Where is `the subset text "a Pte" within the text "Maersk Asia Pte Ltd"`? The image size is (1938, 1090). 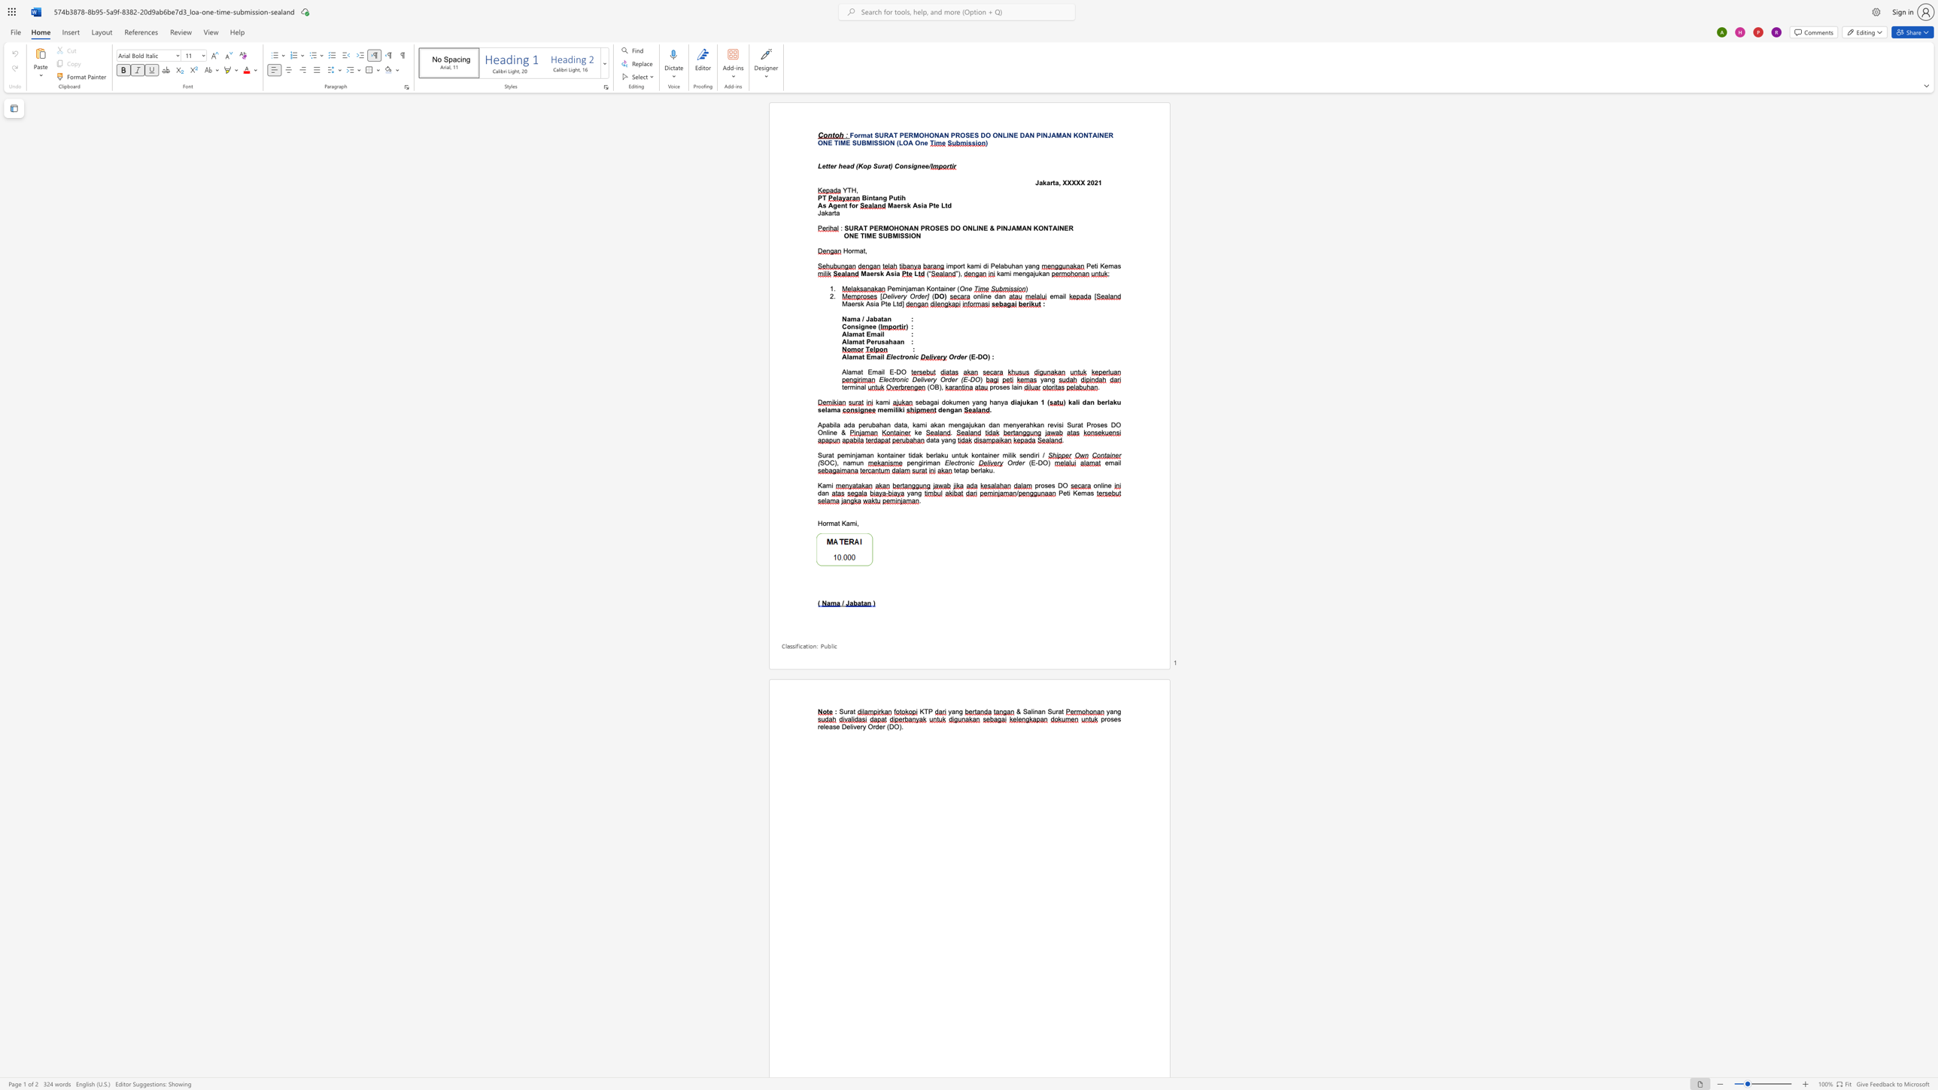 the subset text "a Pte" within the text "Maersk Asia Pte Ltd" is located at coordinates (923, 205).